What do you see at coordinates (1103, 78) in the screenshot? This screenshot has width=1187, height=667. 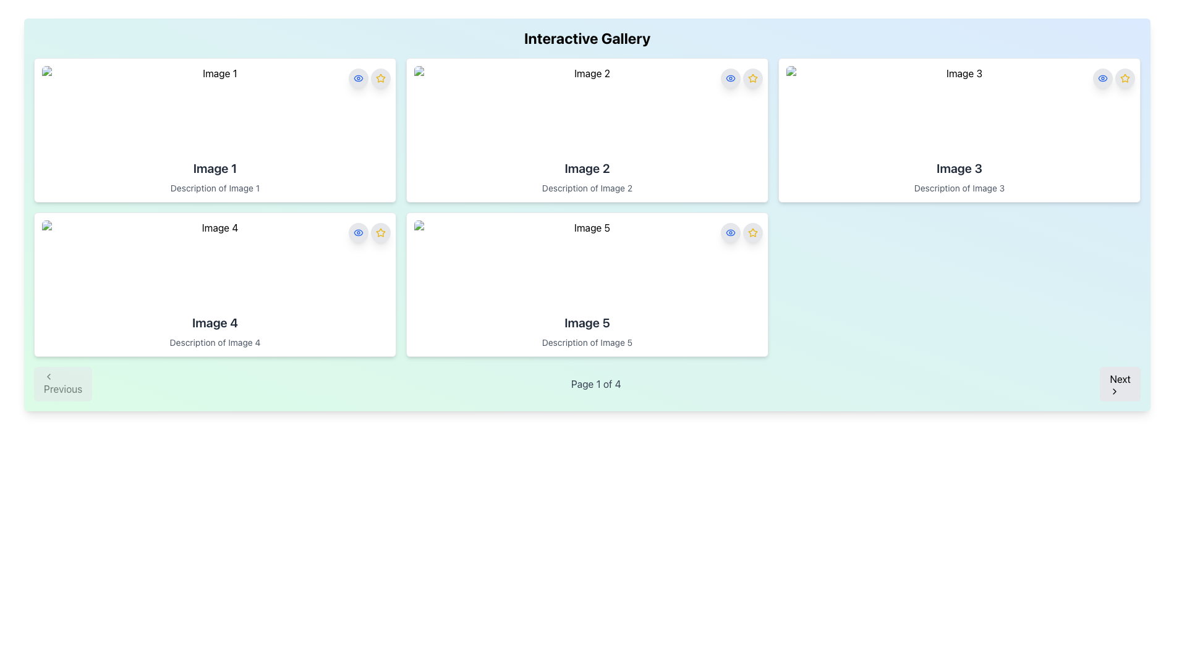 I see `the eye icon in the top-right corner of the 'Image 3' card` at bounding box center [1103, 78].